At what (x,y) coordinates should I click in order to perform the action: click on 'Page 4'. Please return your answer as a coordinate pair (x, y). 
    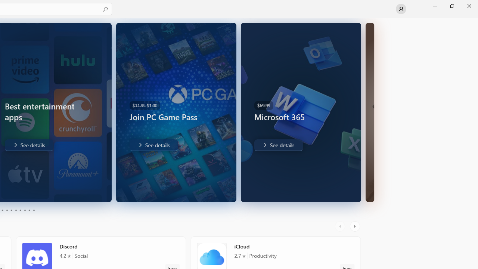
    Looking at the image, I should click on (6, 210).